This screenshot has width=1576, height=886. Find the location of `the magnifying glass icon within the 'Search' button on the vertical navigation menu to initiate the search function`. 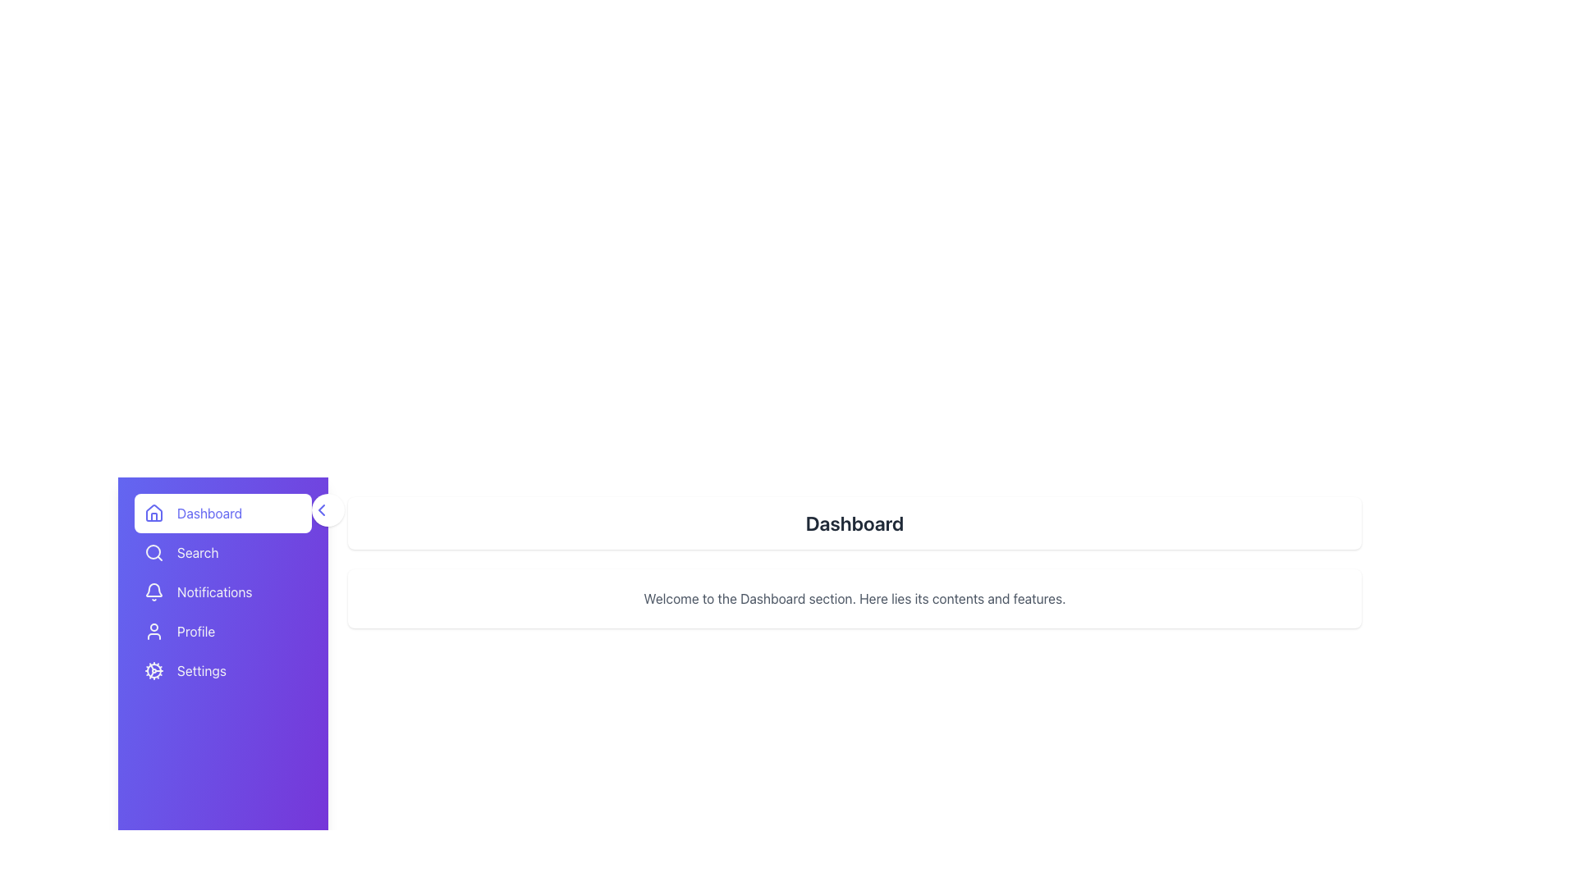

the magnifying glass icon within the 'Search' button on the vertical navigation menu to initiate the search function is located at coordinates (153, 553).